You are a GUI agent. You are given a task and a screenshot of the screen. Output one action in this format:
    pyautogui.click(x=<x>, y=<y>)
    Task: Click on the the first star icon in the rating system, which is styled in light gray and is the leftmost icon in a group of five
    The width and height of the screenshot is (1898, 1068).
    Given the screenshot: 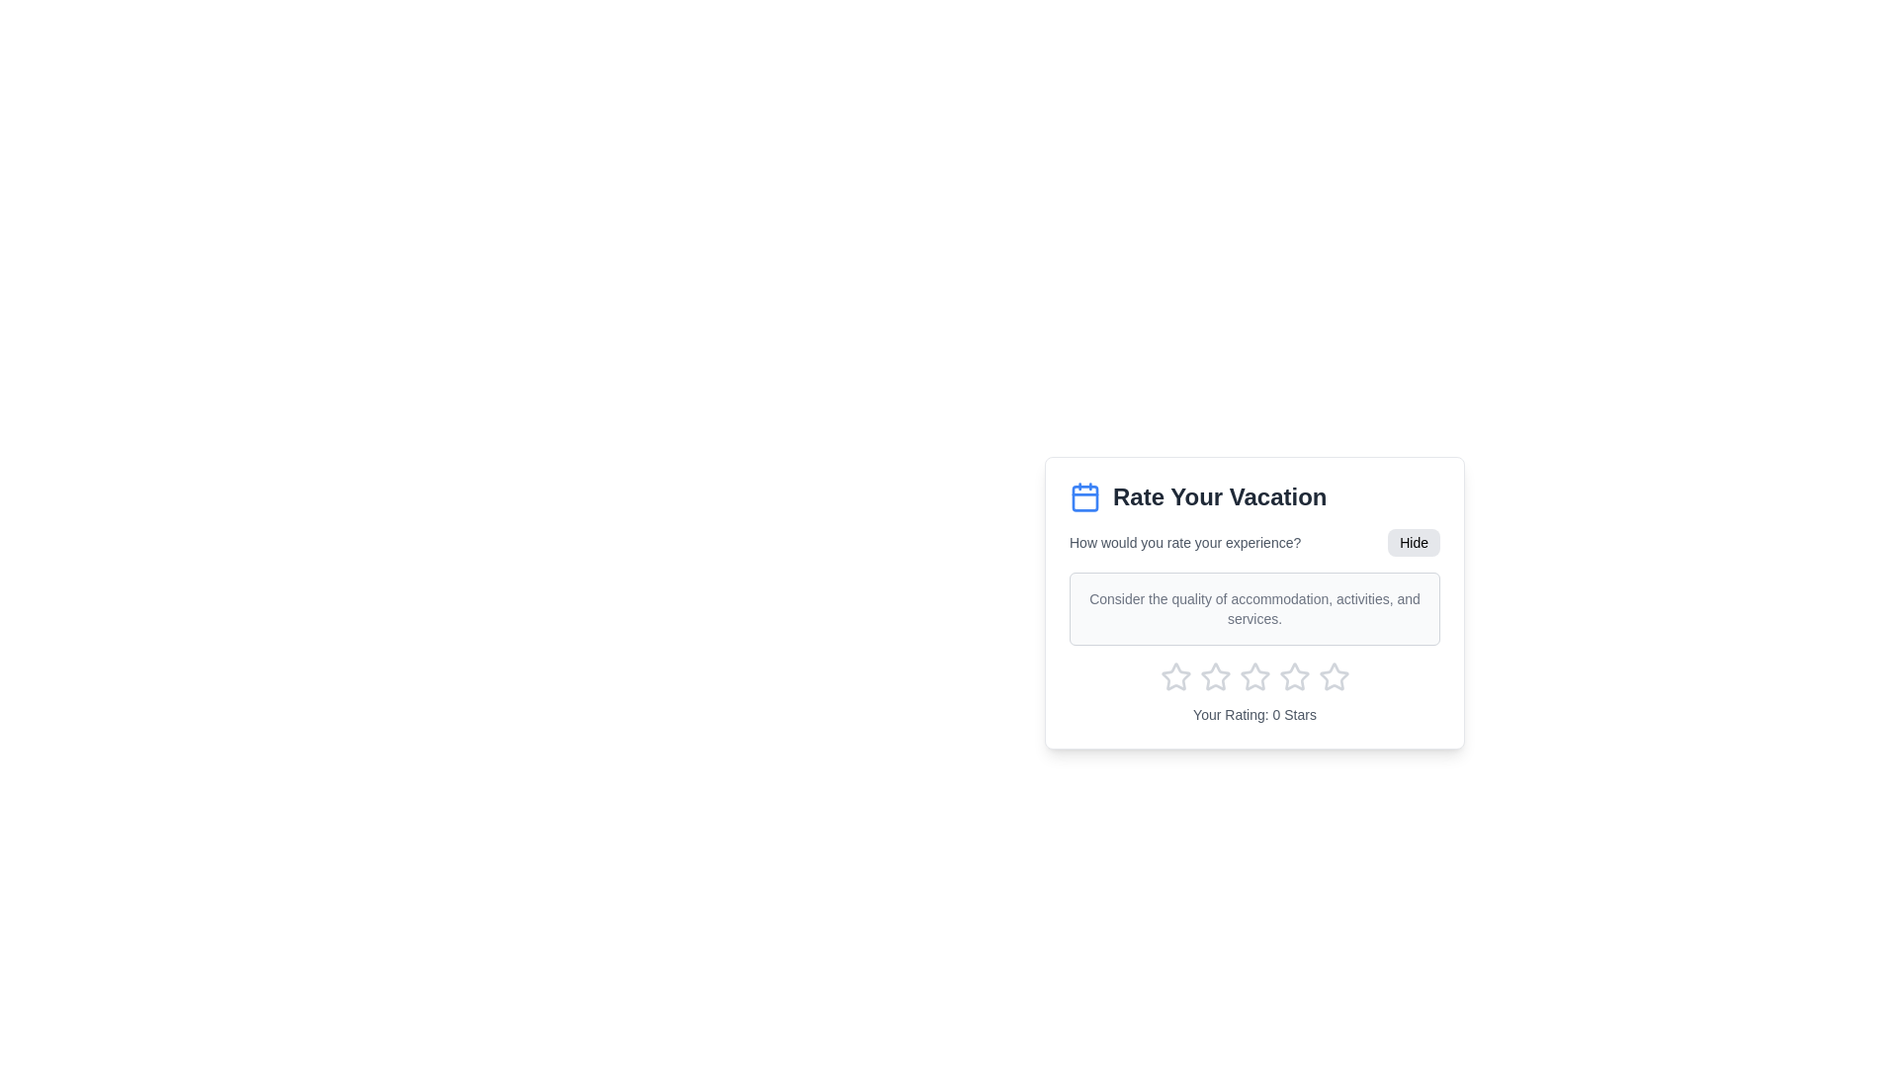 What is the action you would take?
    pyautogui.click(x=1175, y=675)
    